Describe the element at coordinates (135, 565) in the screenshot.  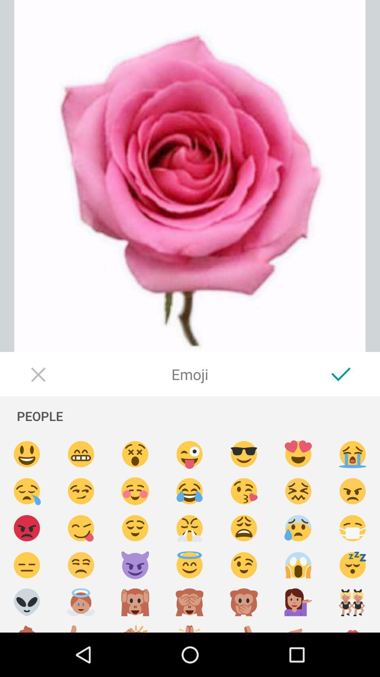
I see `emoji select option` at that location.